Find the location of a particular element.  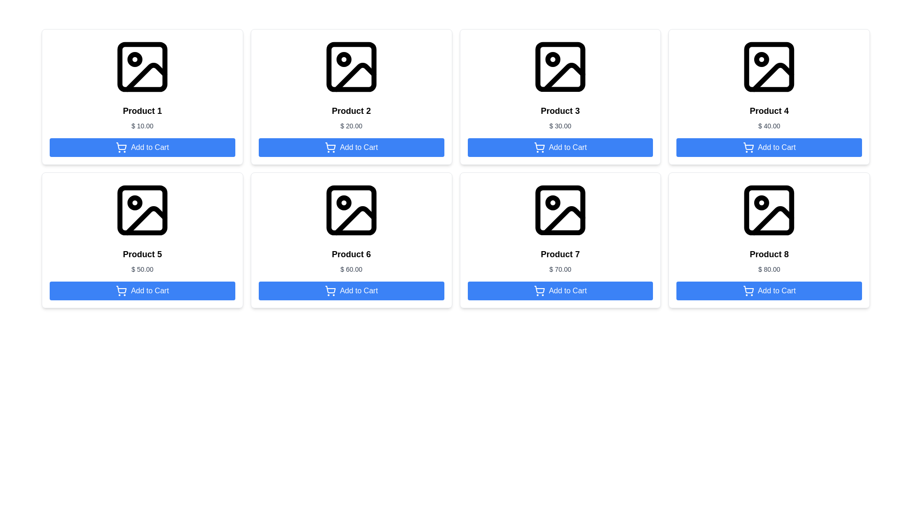

the graphical circle that is part of the 'Product 7' card, located in the middle row of the grid, second from the right, within the top-left quadrant of the image is located at coordinates (553, 202).